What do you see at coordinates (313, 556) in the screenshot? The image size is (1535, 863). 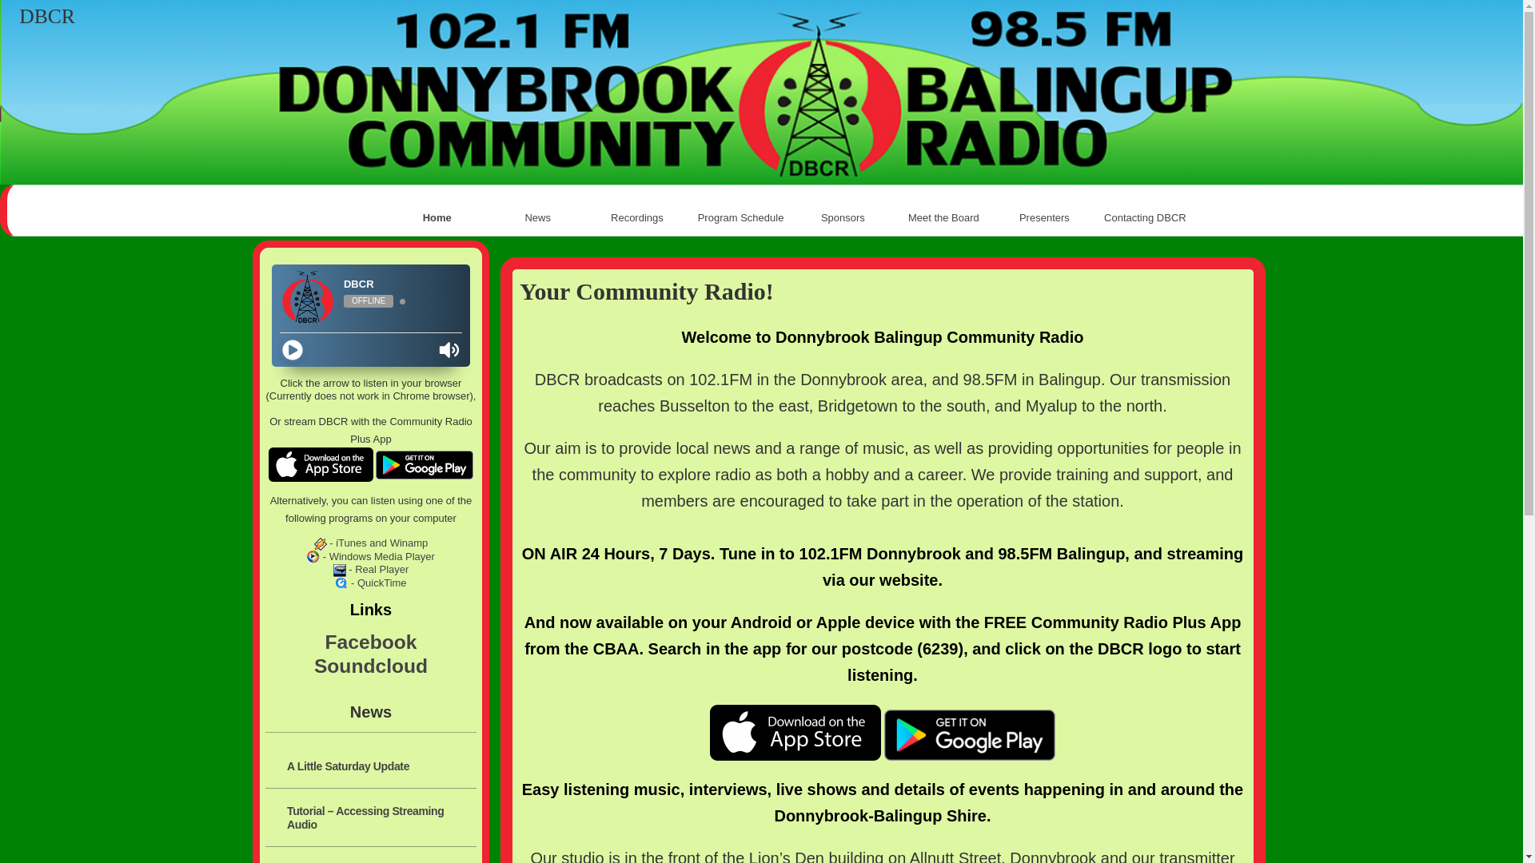 I see `'Windows Media Player'` at bounding box center [313, 556].